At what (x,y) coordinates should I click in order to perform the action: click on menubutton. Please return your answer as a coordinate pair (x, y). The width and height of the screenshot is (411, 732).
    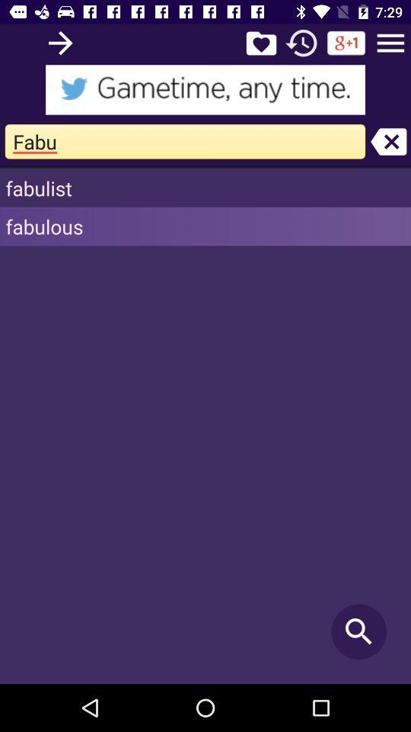
    Looking at the image, I should click on (390, 42).